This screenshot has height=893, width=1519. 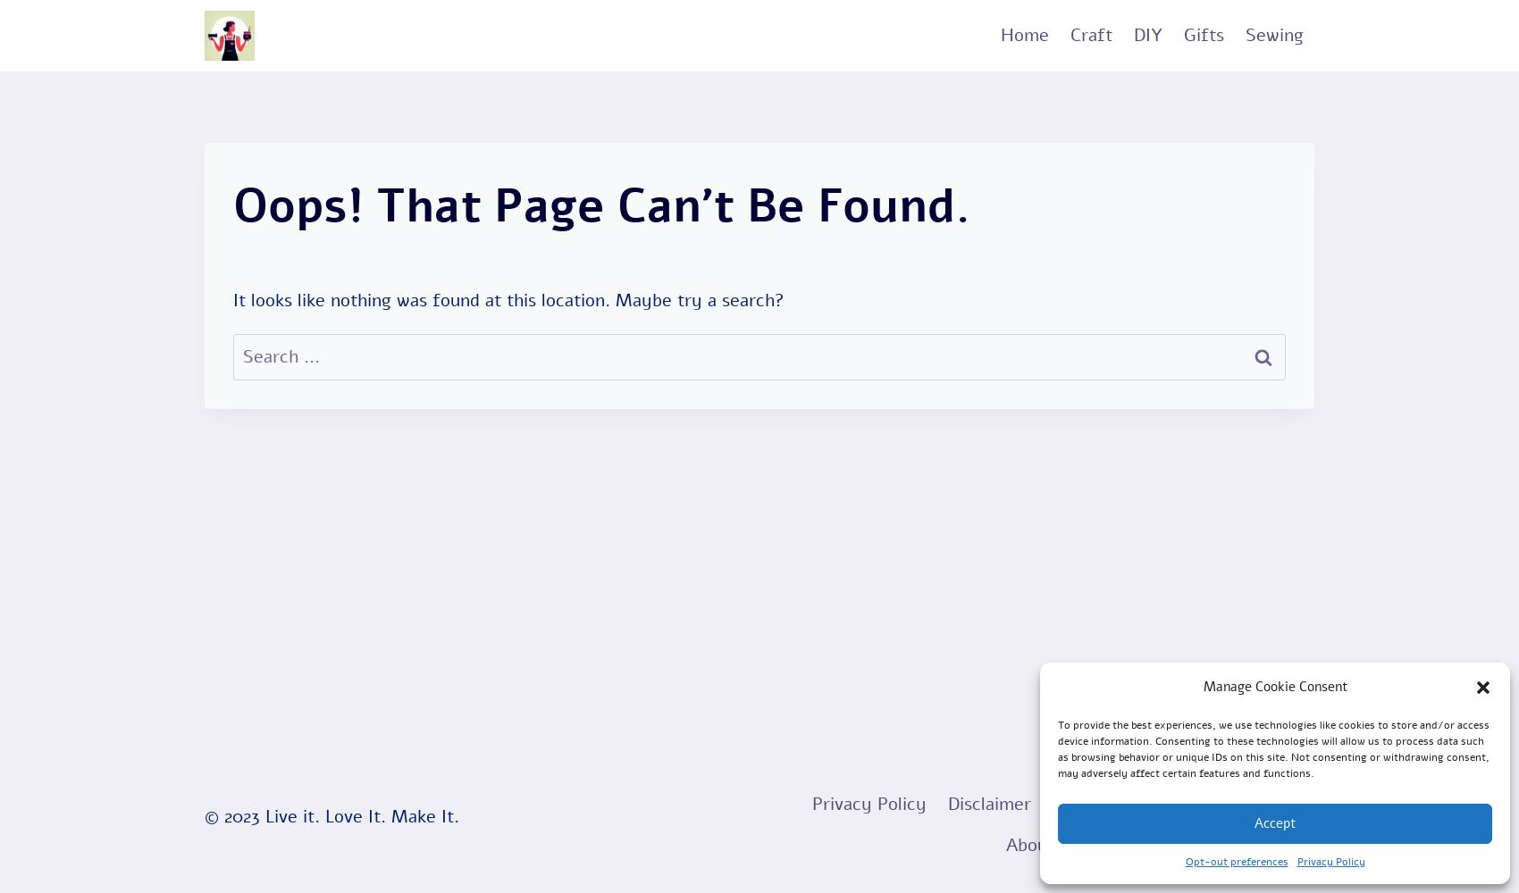 I want to click on '© 2023 Live it. Love It. Make It.', so click(x=331, y=816).